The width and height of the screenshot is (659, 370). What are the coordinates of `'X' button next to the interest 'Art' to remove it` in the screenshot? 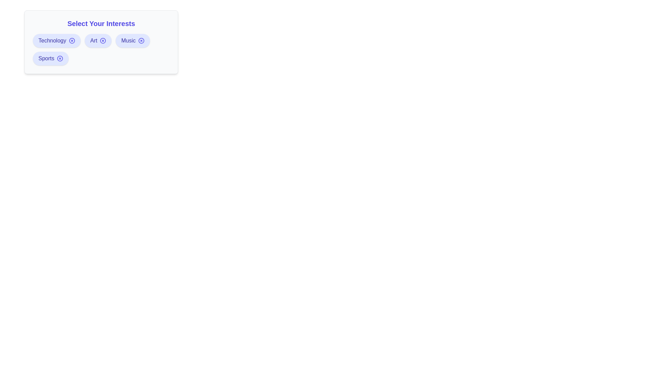 It's located at (103, 41).